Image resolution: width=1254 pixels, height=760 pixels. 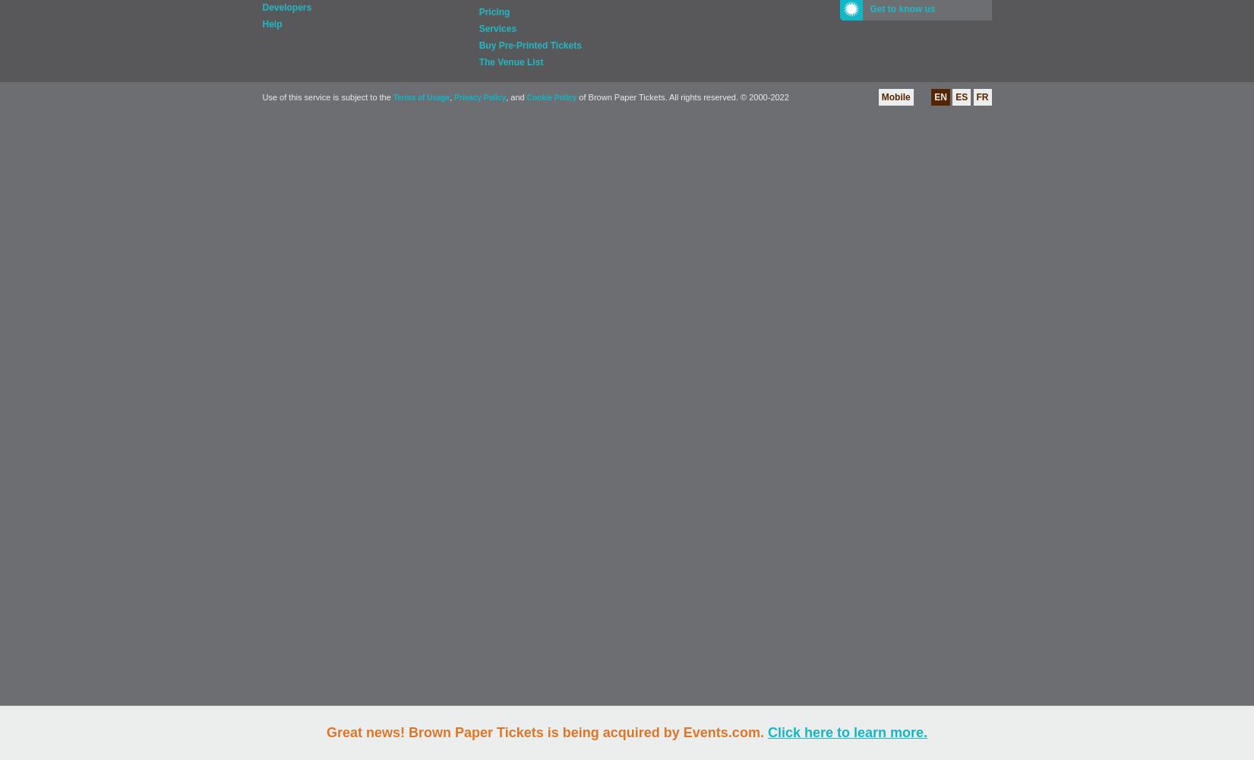 I want to click on 'Use of this service is subject to the', so click(x=327, y=97).